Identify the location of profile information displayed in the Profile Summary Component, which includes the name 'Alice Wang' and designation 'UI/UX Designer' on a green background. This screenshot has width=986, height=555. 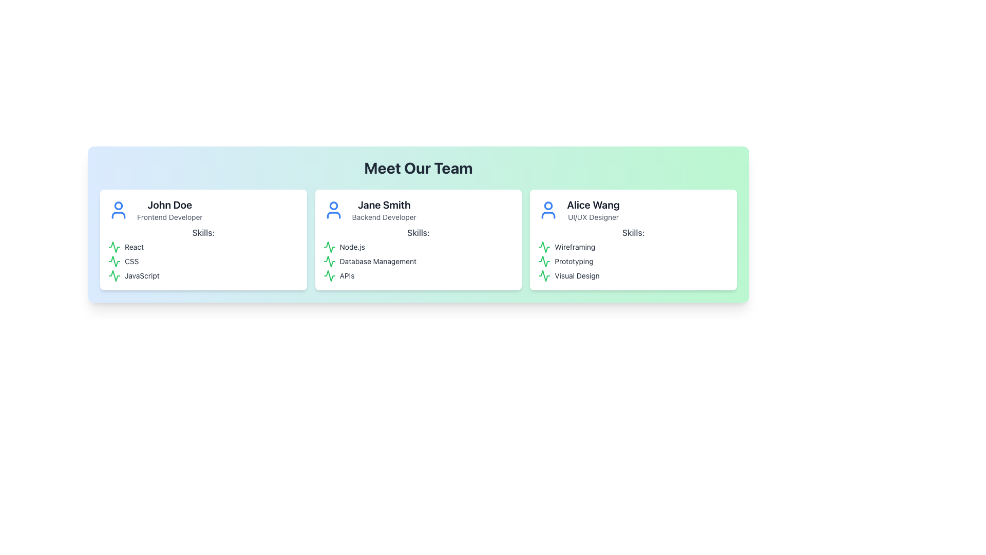
(633, 209).